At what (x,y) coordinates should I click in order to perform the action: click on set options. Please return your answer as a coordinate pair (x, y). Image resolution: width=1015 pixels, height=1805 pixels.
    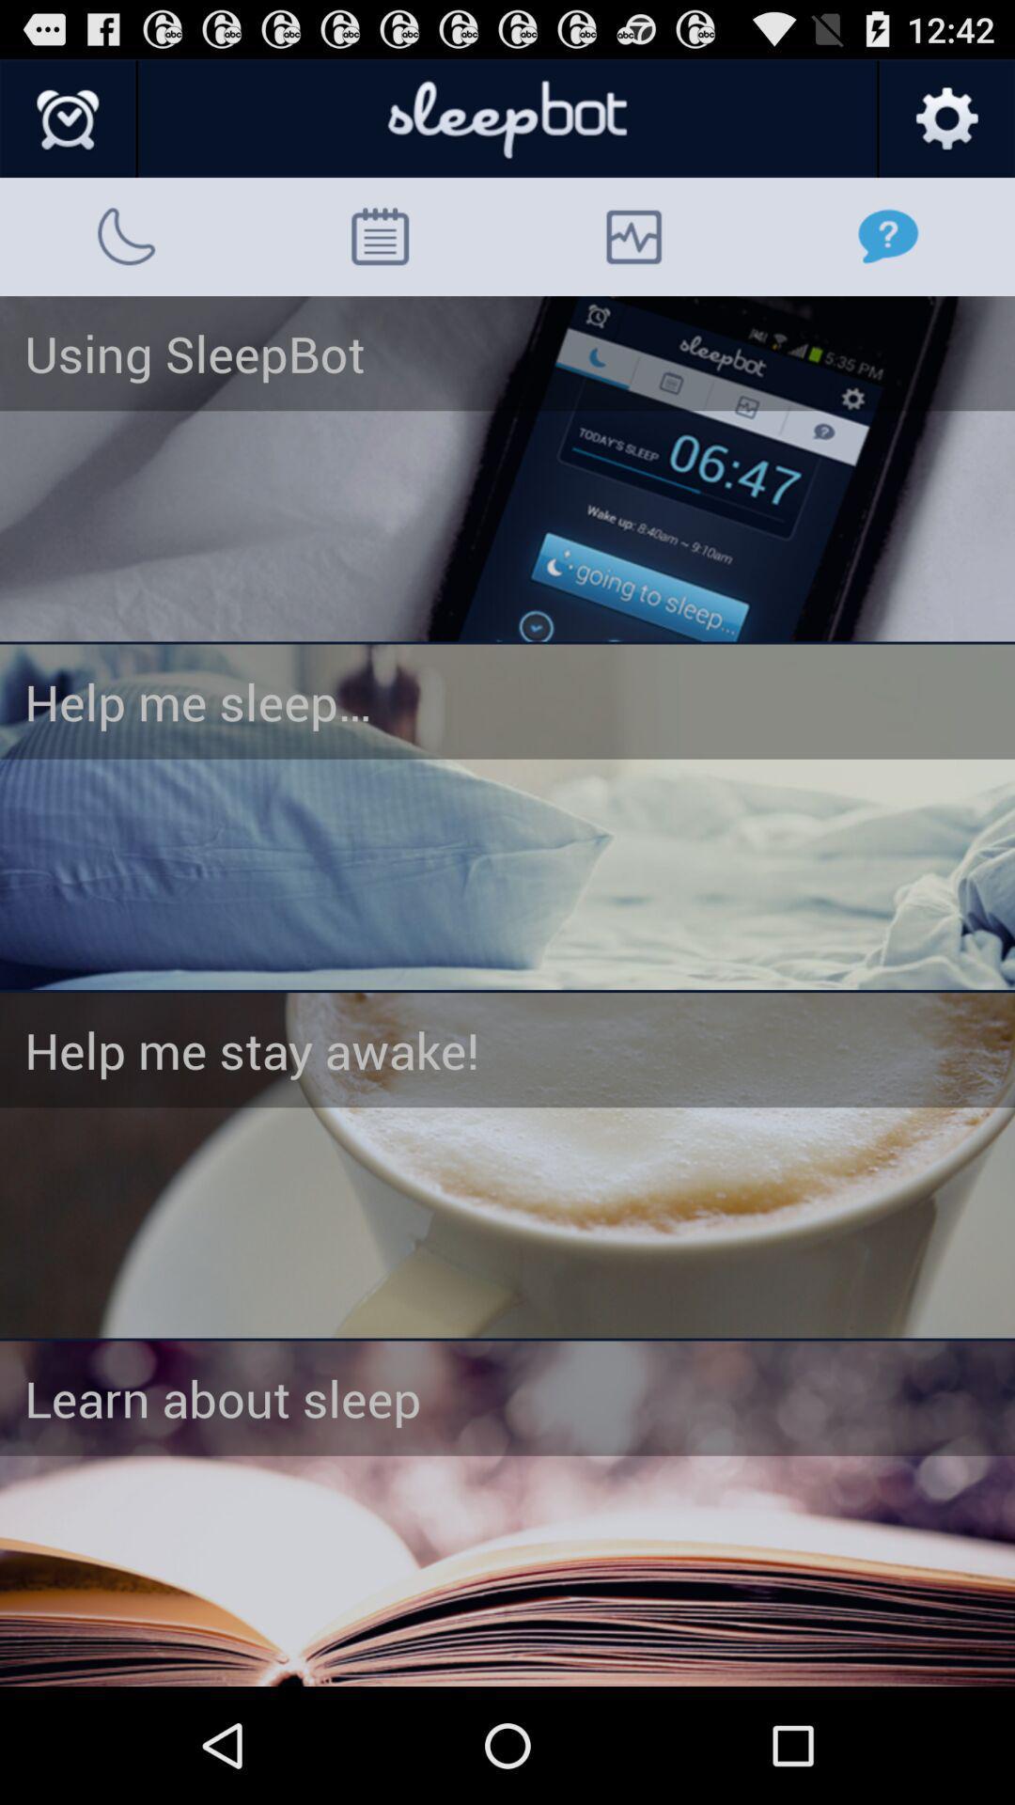
    Looking at the image, I should click on (945, 118).